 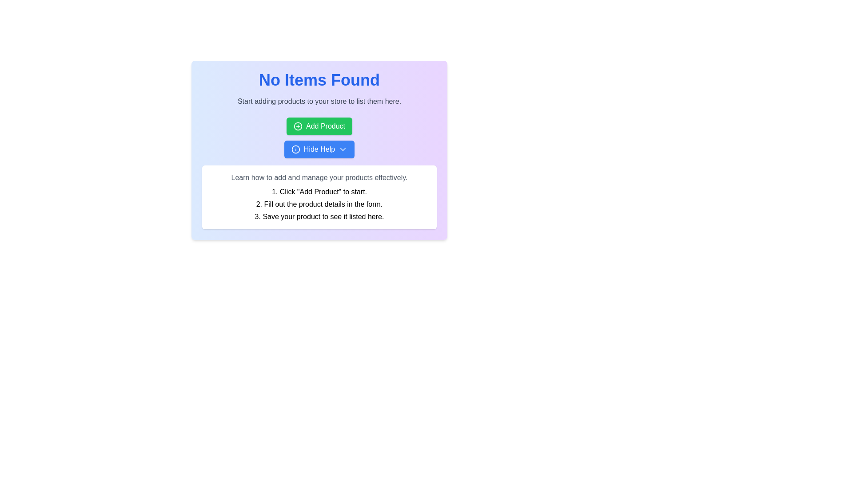 What do you see at coordinates (343, 149) in the screenshot?
I see `the icon located at the right end of the 'Hide Help' button` at bounding box center [343, 149].